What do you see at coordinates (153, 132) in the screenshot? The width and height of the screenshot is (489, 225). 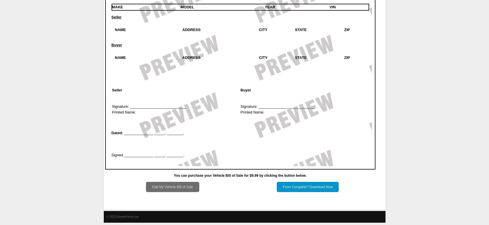 I see `'______________ _____, ________.'` at bounding box center [153, 132].